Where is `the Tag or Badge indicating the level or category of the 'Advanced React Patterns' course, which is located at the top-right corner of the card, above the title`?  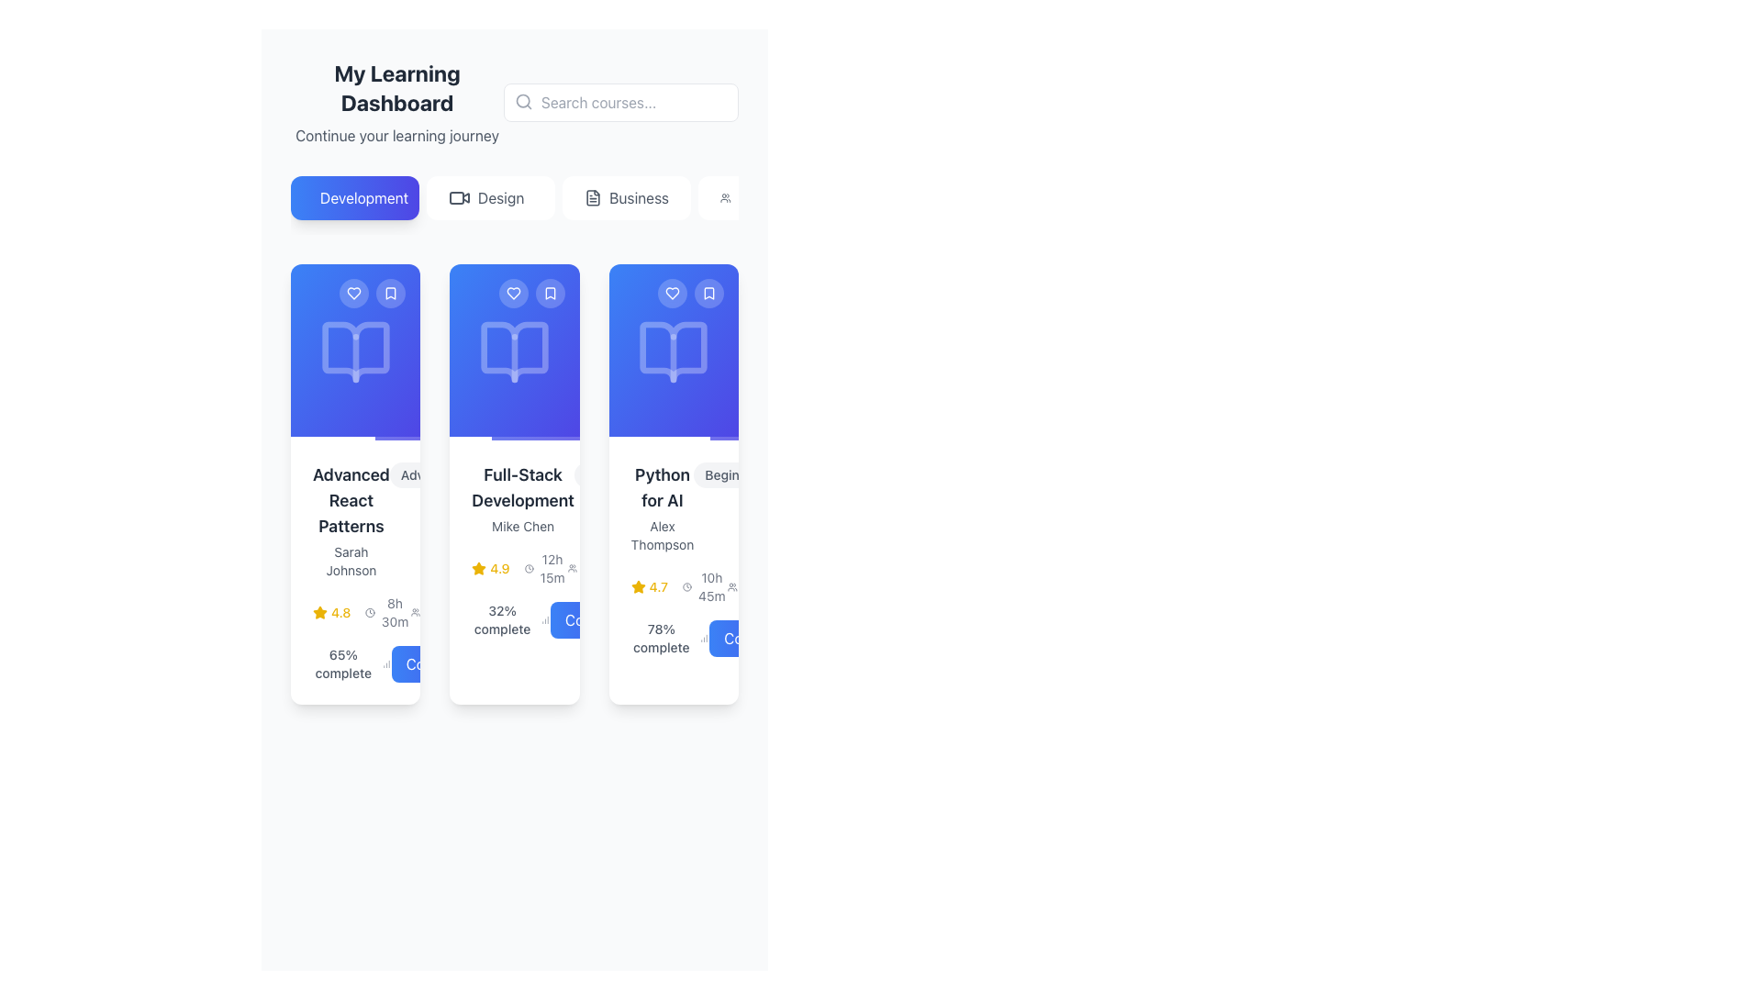
the Tag or Badge indicating the level or category of the 'Advanced React Patterns' course, which is located at the top-right corner of the card, above the title is located at coordinates (429, 473).